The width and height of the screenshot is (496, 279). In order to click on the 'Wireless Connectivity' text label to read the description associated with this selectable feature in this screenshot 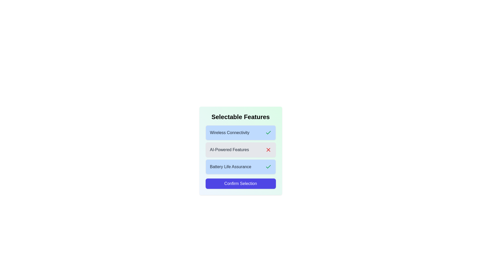, I will do `click(229, 132)`.